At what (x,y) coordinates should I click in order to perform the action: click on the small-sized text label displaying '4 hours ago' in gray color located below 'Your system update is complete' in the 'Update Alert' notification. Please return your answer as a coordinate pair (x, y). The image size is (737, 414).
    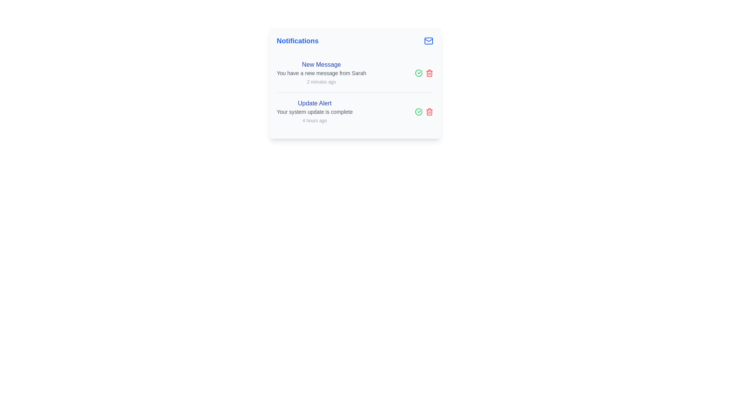
    Looking at the image, I should click on (315, 121).